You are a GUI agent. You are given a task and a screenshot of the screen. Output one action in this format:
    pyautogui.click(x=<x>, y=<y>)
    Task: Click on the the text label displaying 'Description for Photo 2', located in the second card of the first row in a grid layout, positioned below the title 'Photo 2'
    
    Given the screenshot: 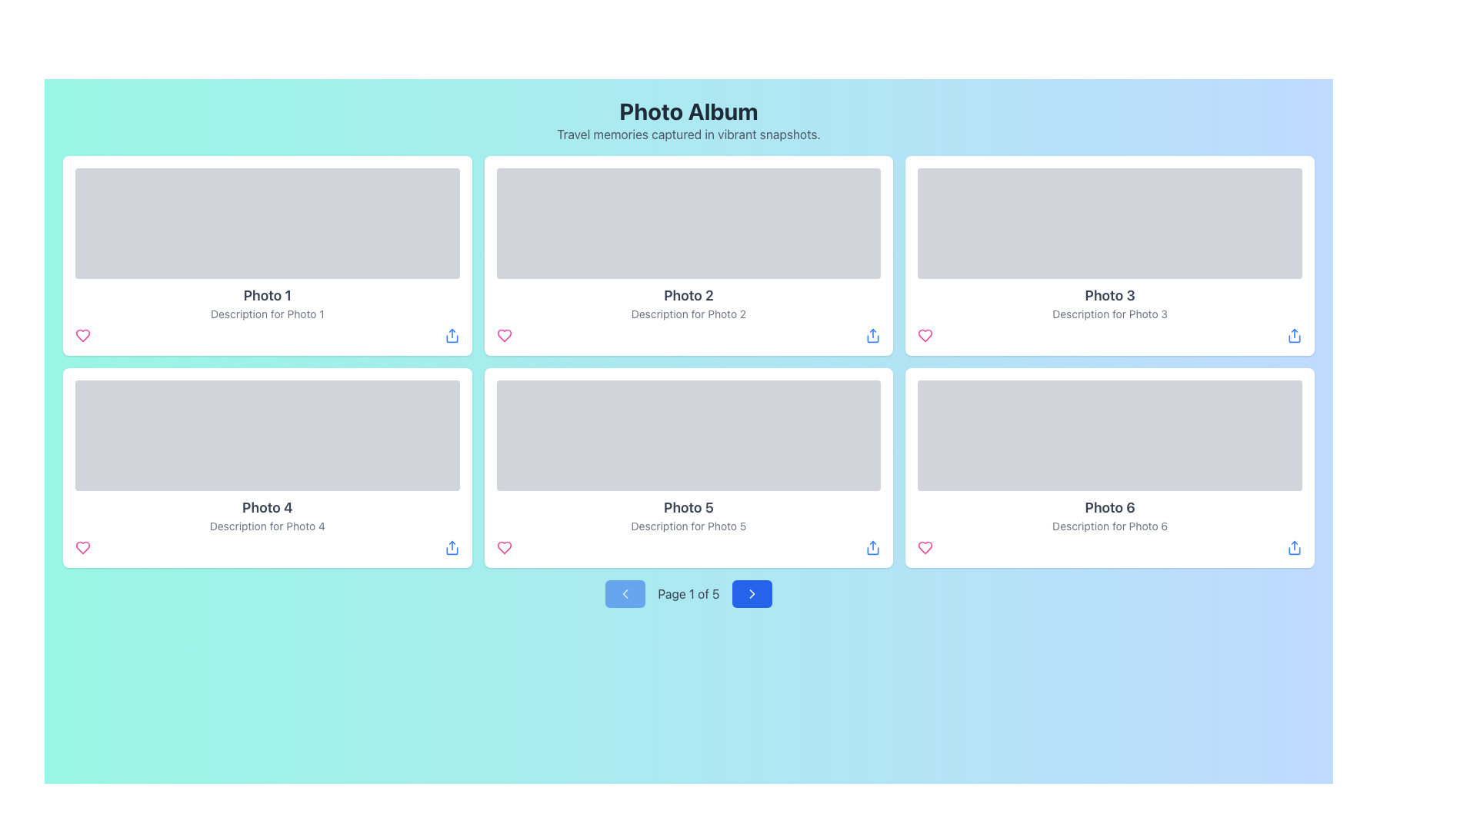 What is the action you would take?
    pyautogui.click(x=688, y=313)
    